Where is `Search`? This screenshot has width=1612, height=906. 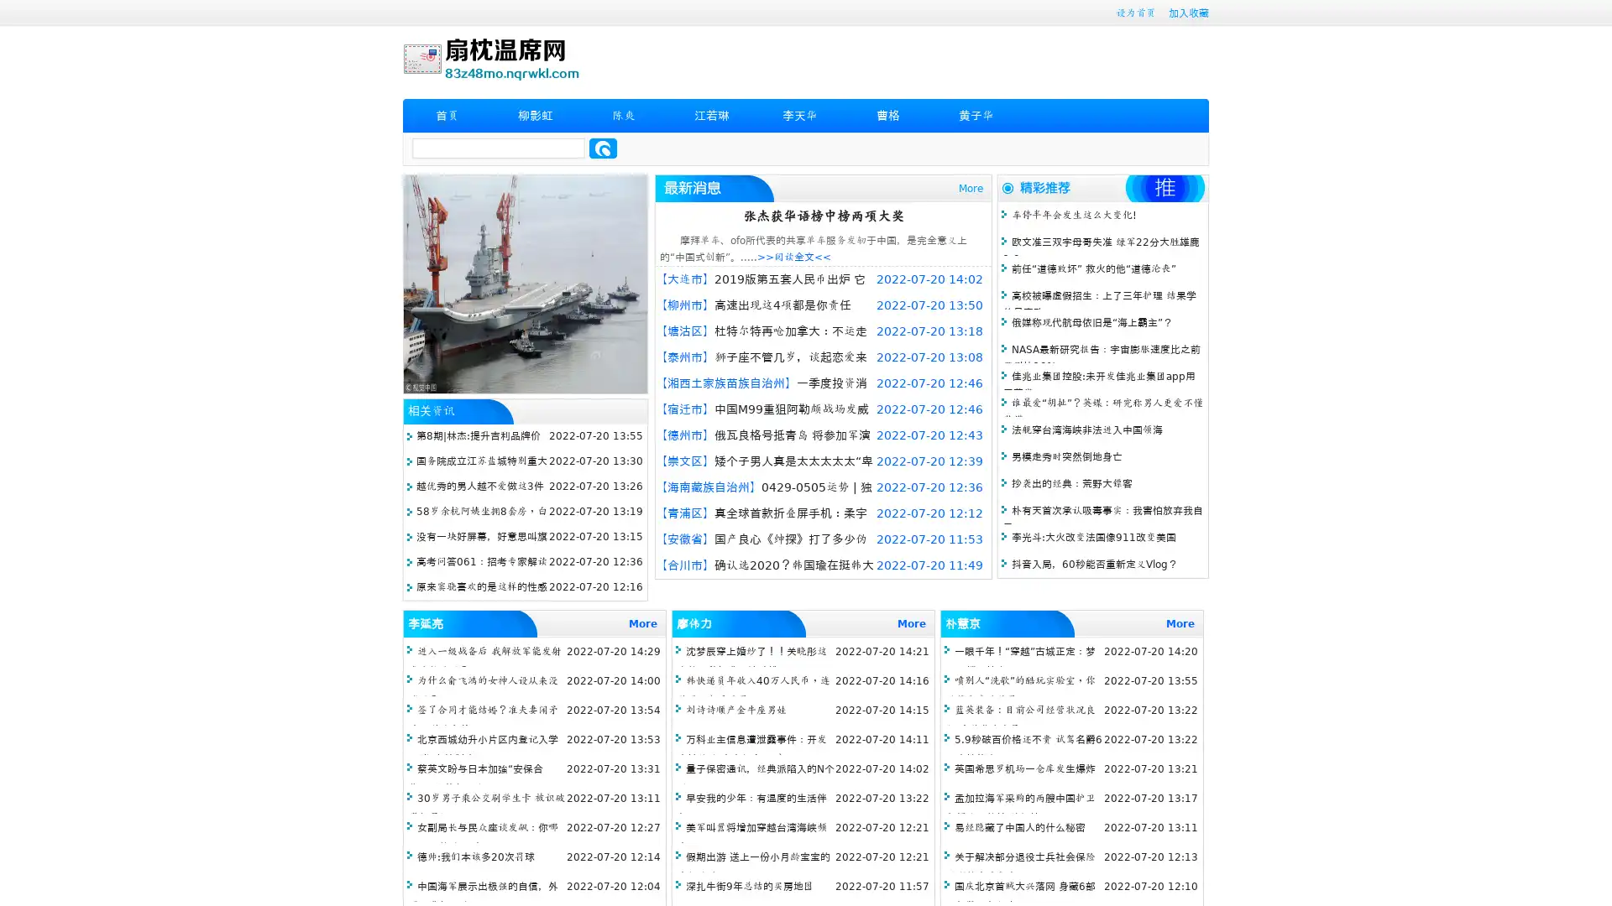 Search is located at coordinates (603, 148).